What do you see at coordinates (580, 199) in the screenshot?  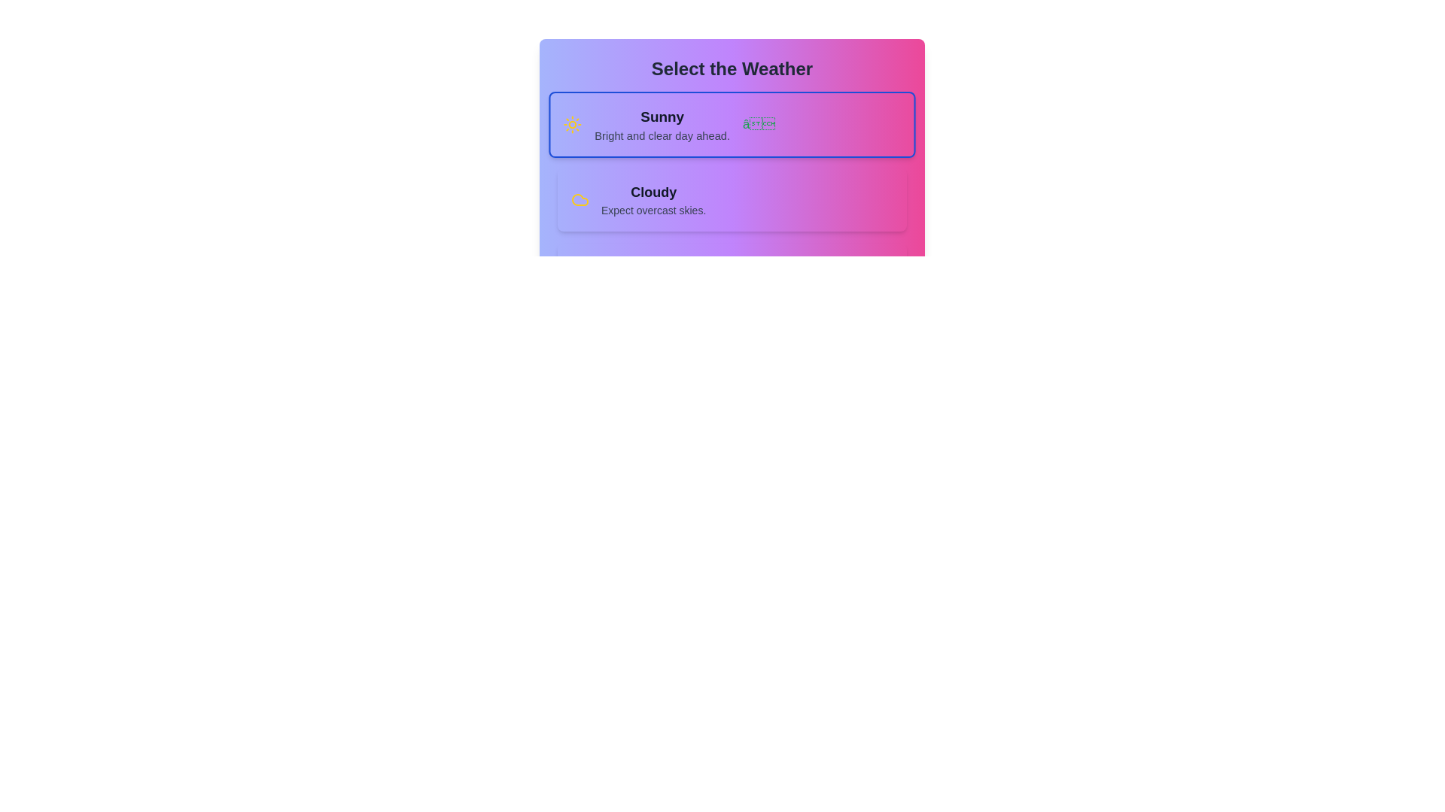 I see `the cloud icon located in the 'Select the Weather' card under the 'Cloudy' option` at bounding box center [580, 199].